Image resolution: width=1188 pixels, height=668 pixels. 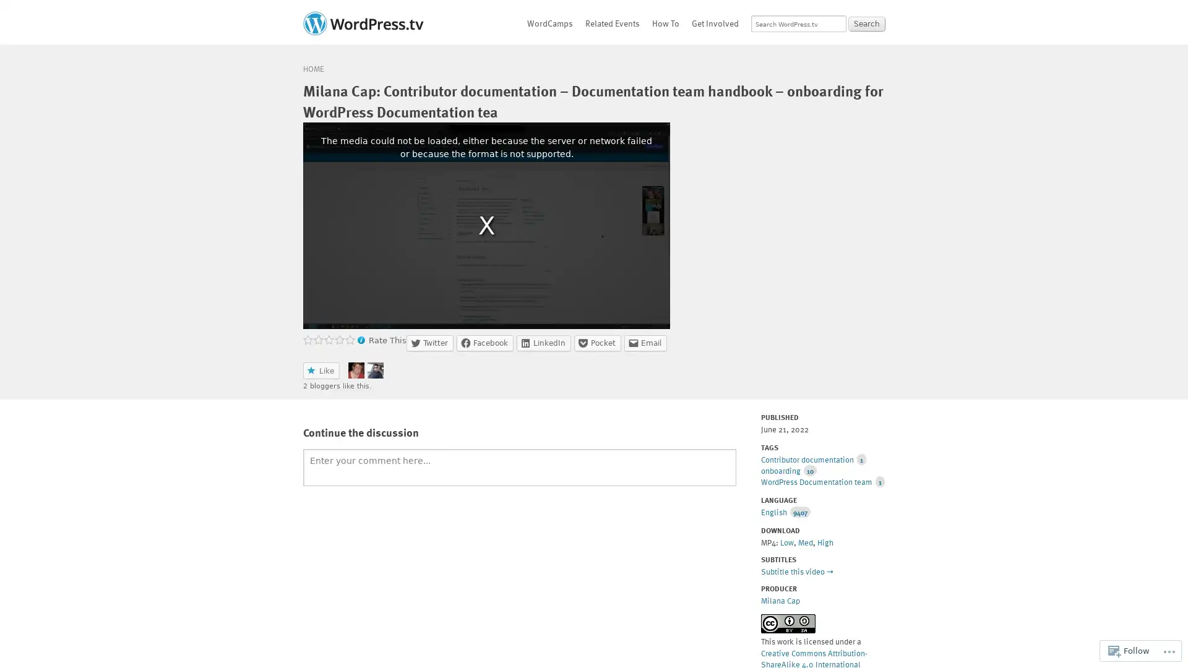 I want to click on Search, so click(x=866, y=24).